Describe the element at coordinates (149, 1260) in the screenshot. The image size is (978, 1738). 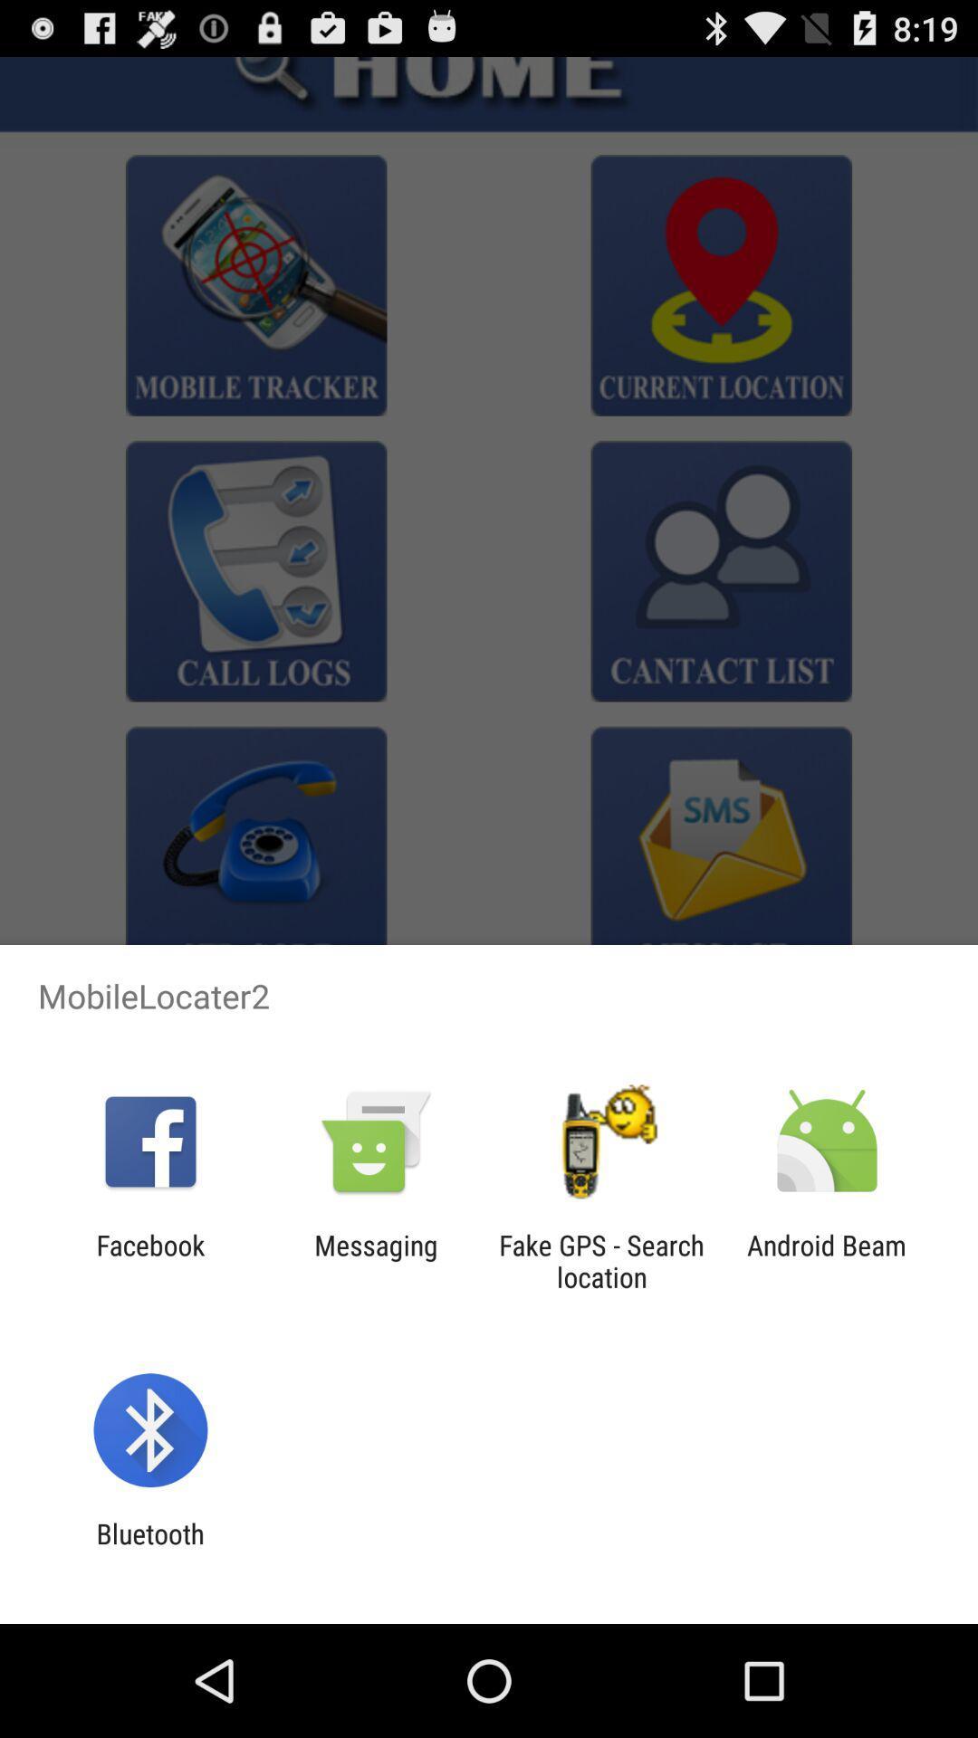
I see `facebook` at that location.